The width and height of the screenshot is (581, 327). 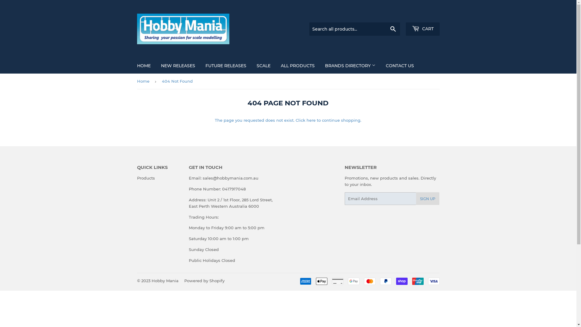 I want to click on 'HOME', so click(x=143, y=65).